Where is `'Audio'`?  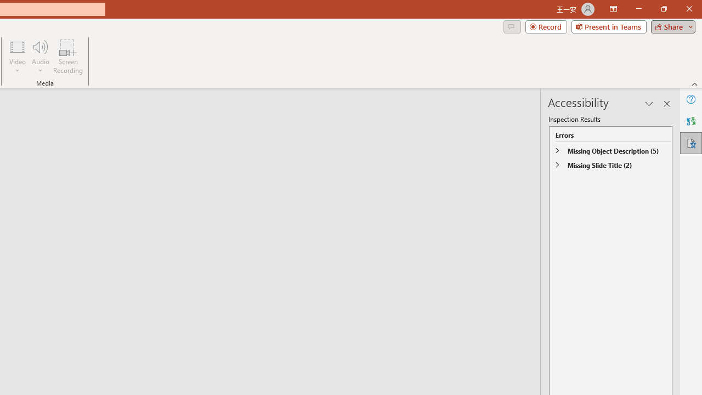
'Audio' is located at coordinates (40, 57).